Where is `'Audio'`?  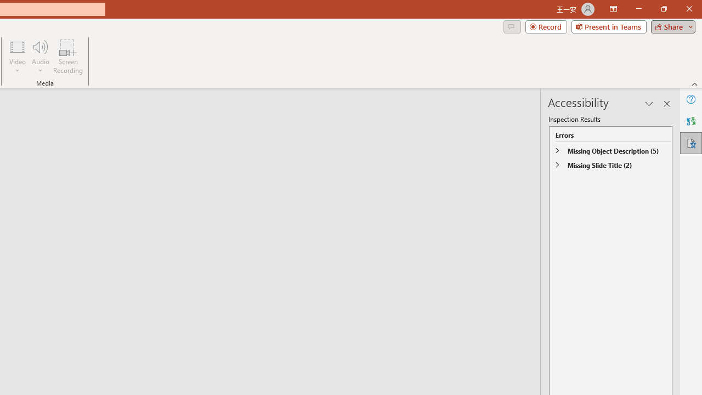
'Audio' is located at coordinates (40, 57).